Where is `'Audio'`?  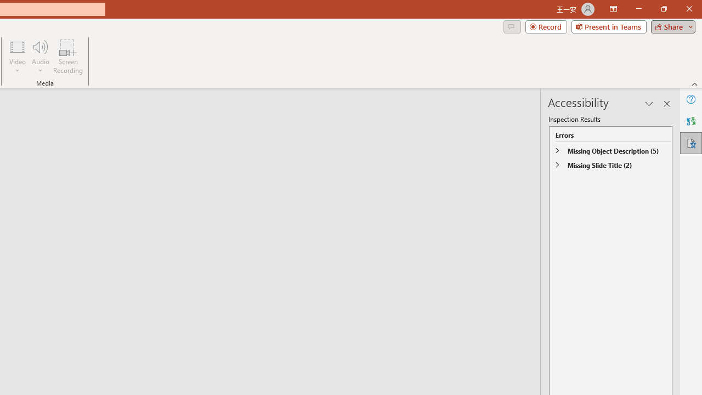
'Audio' is located at coordinates (40, 57).